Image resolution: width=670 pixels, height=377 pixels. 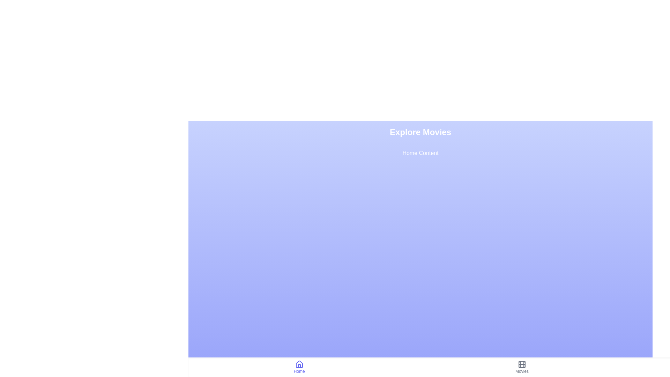 I want to click on the 'Movies' text label located in the bottom navigation bar, positioned below the film strip icon, so click(x=522, y=371).